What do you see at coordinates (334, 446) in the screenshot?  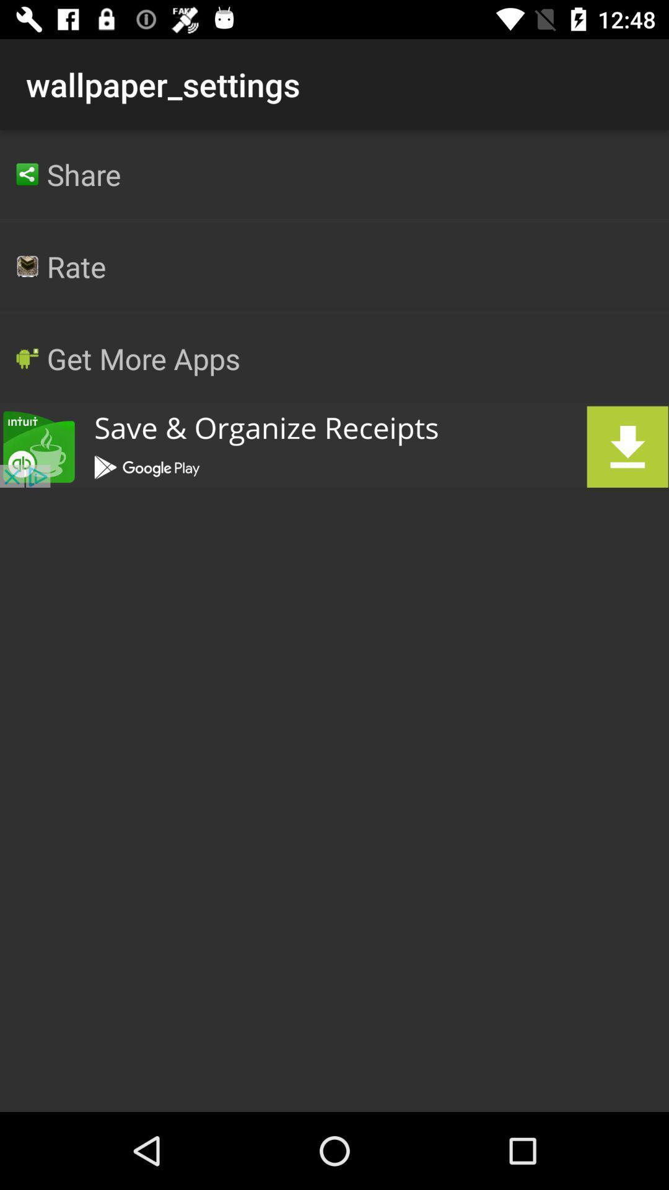 I see `advertisement` at bounding box center [334, 446].